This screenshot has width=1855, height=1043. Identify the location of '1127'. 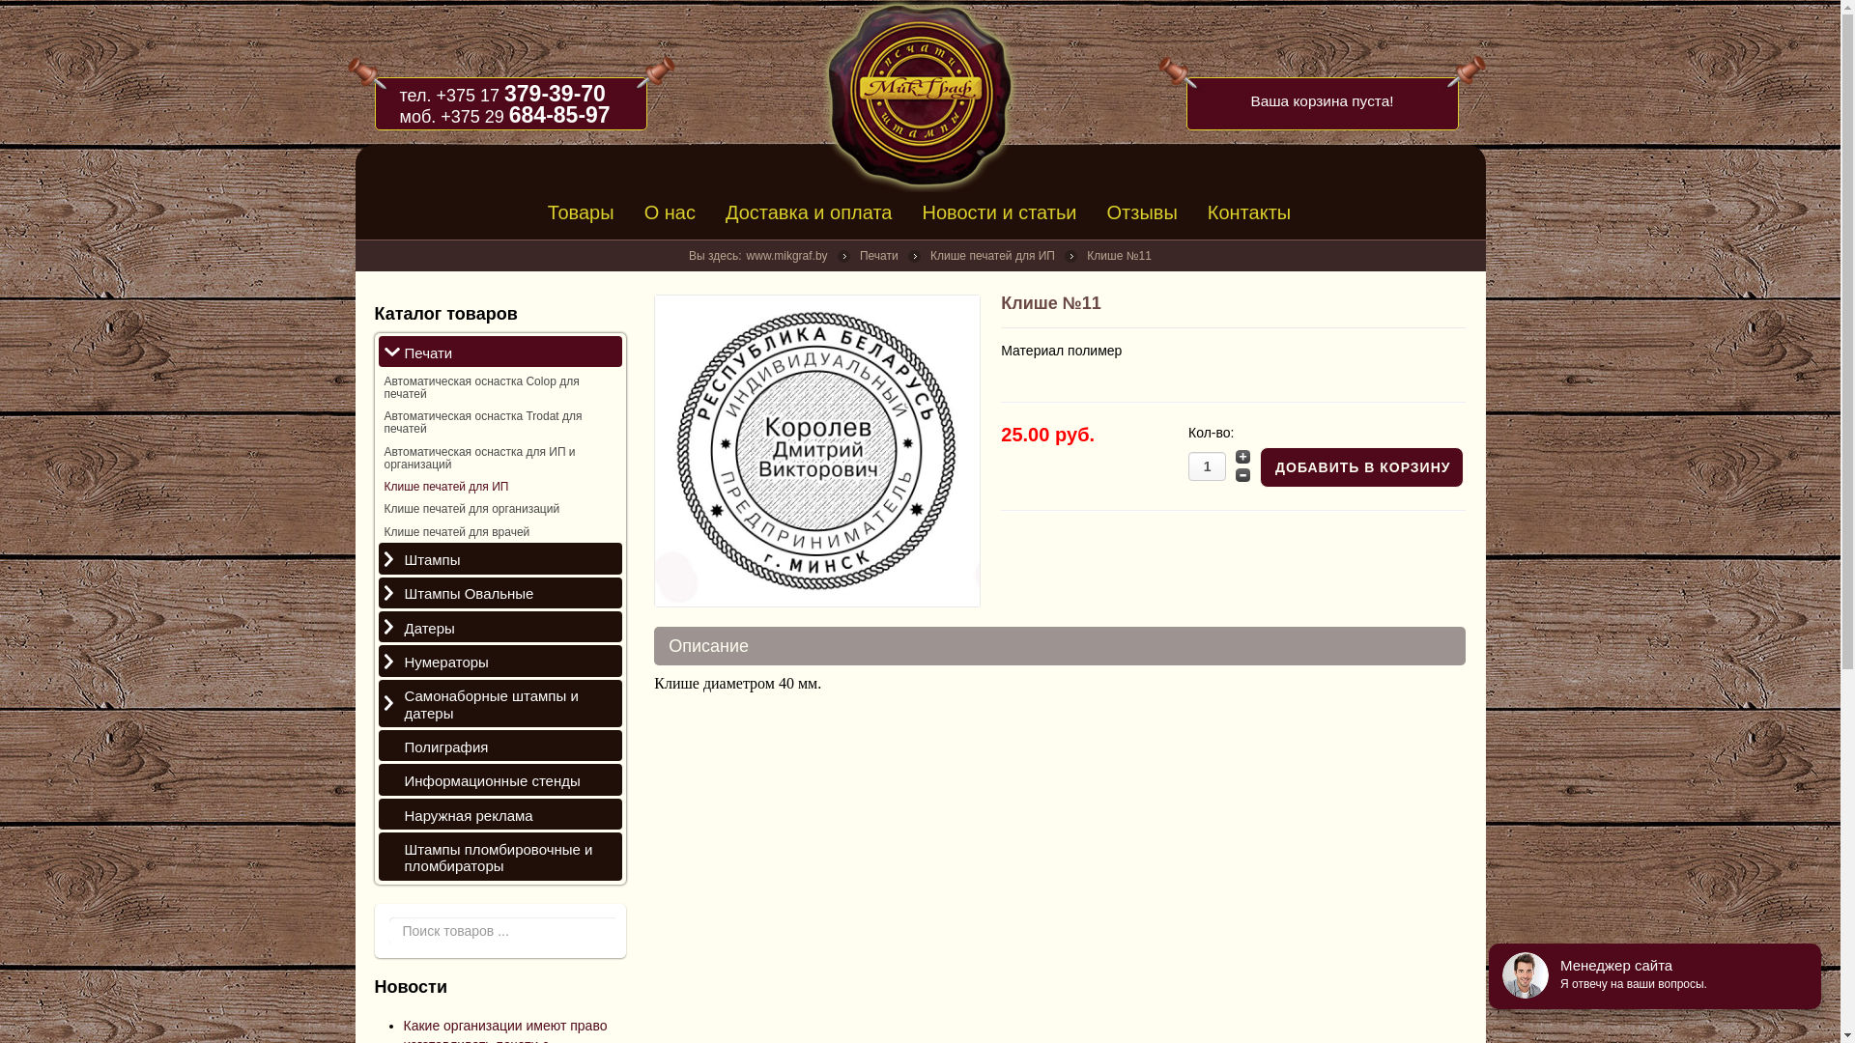
(816, 450).